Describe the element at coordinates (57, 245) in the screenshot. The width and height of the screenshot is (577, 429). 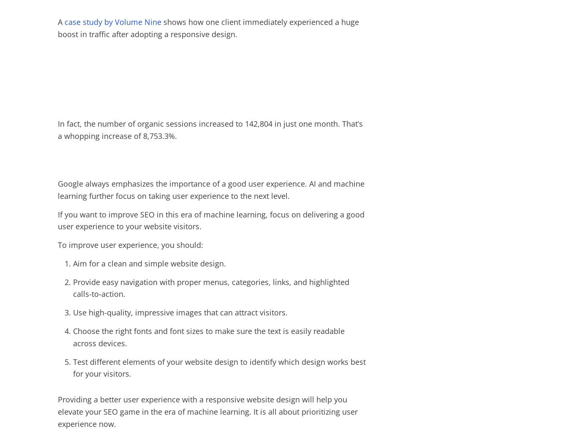
I see `'To improve user experience, you should:'` at that location.